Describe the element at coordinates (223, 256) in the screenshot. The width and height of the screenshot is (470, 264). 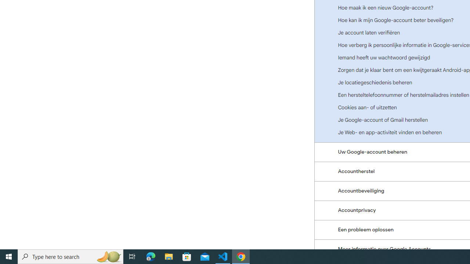
I see `'Visual Studio Code - 1 running window'` at that location.